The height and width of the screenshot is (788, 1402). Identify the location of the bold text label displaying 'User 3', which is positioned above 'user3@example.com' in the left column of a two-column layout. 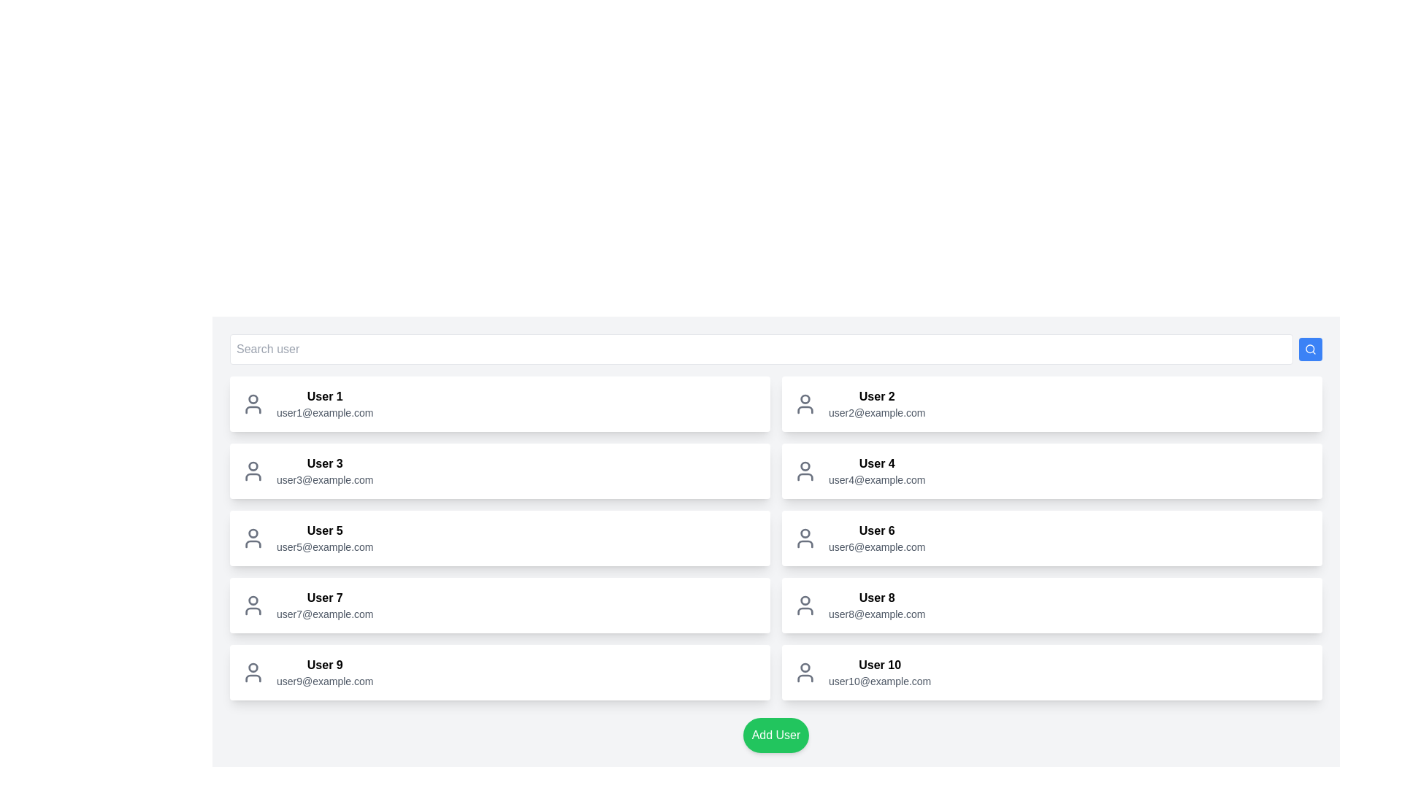
(324, 464).